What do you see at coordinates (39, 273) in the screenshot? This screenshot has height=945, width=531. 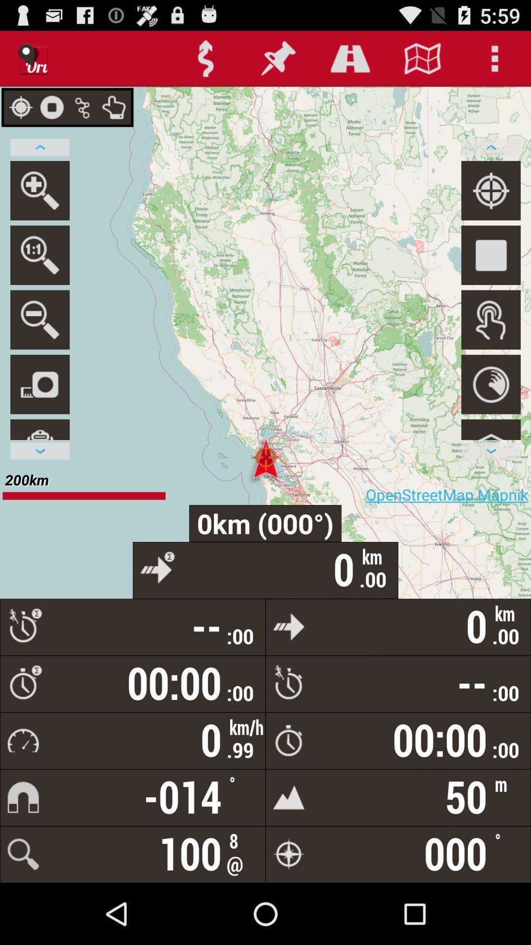 I see `the search icon` at bounding box center [39, 273].